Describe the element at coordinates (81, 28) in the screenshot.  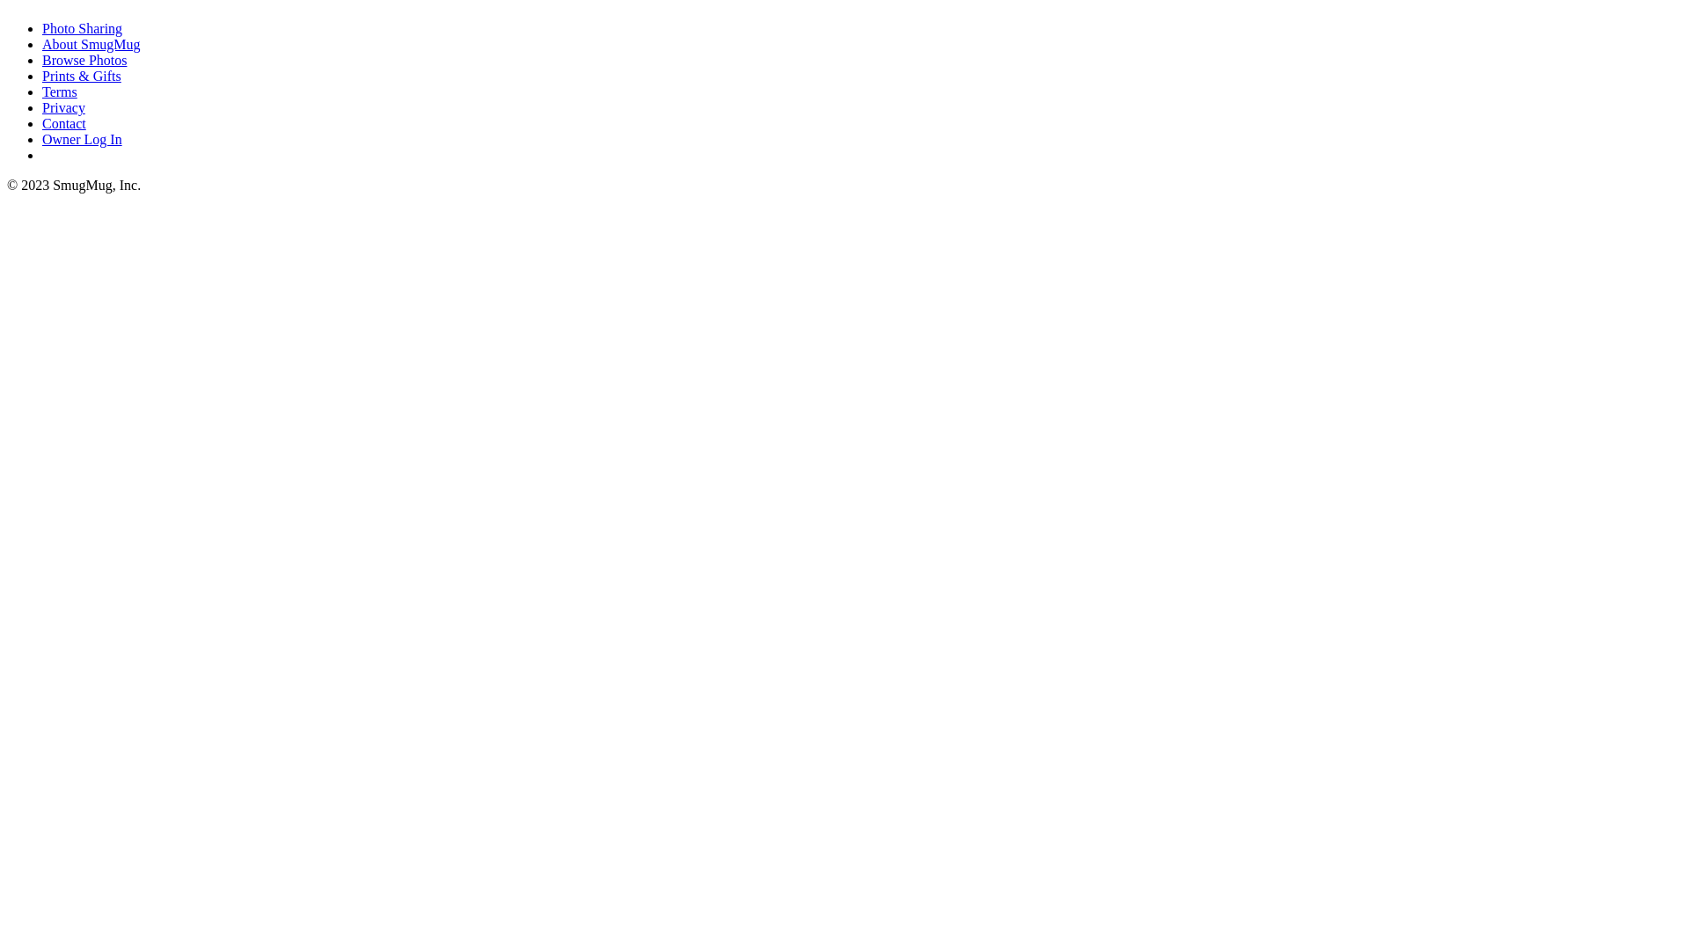
I see `'Photo Sharing'` at that location.